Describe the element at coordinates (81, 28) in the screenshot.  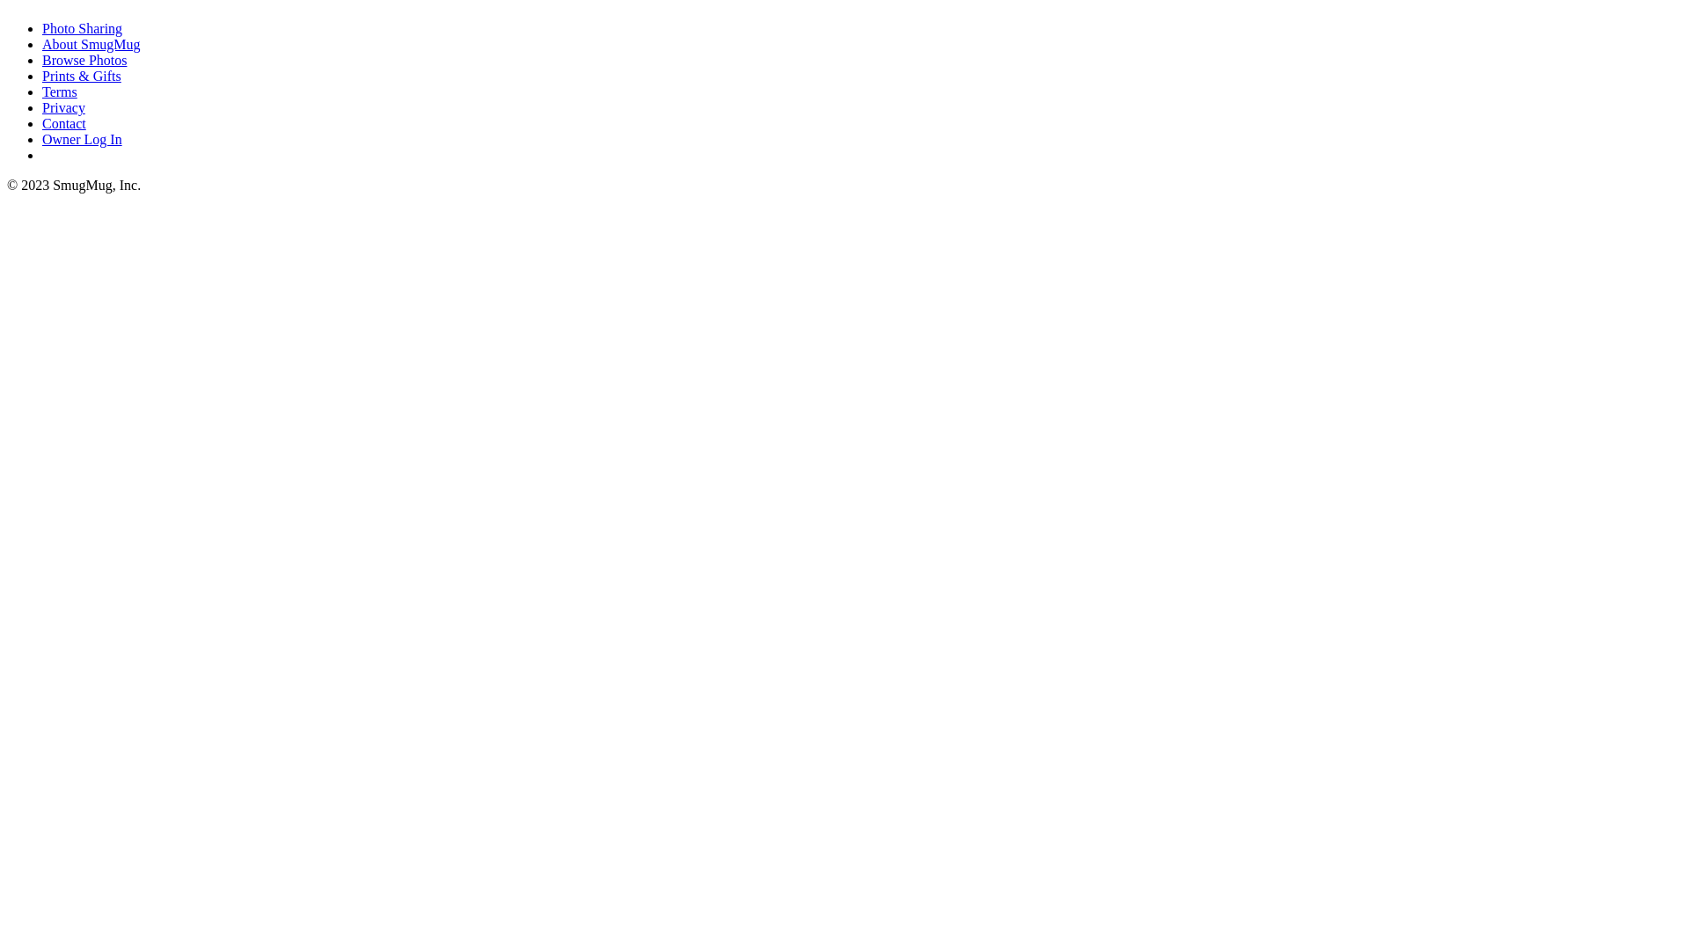
I see `'Photo Sharing'` at that location.